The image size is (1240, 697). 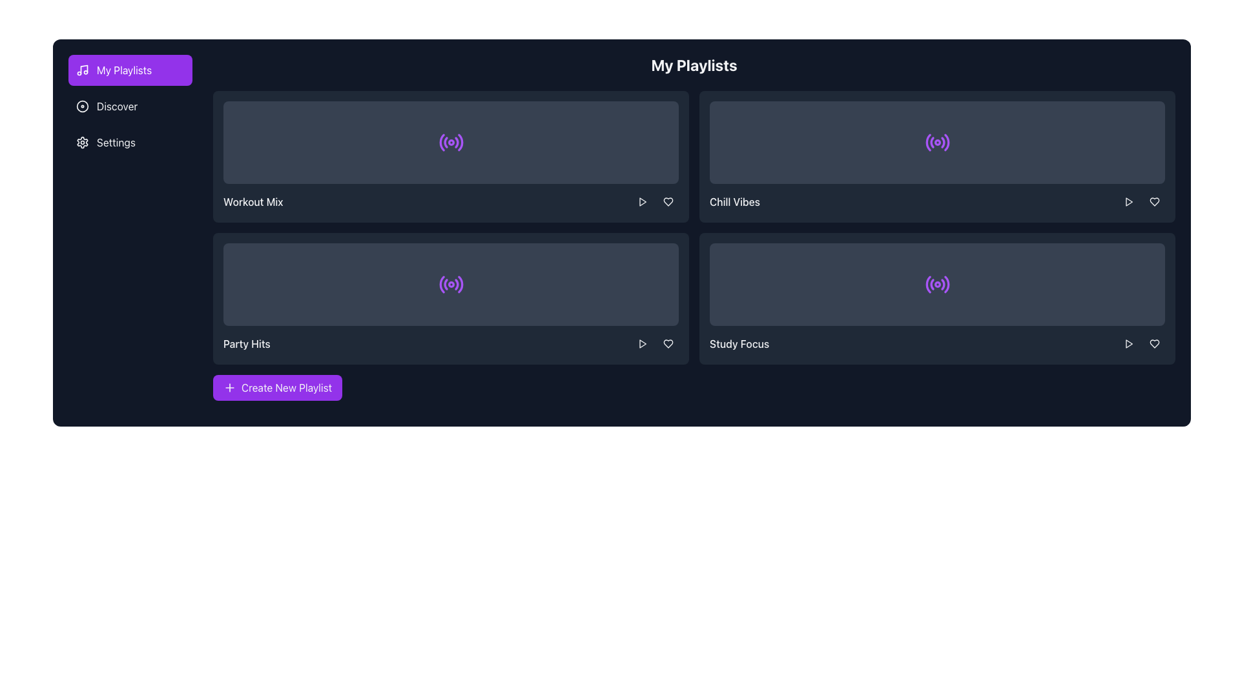 What do you see at coordinates (451, 283) in the screenshot?
I see `the surrounding interactive areas of the 'Party Hits' card by clicking on the central purple radio wave icon within the dark gray card` at bounding box center [451, 283].